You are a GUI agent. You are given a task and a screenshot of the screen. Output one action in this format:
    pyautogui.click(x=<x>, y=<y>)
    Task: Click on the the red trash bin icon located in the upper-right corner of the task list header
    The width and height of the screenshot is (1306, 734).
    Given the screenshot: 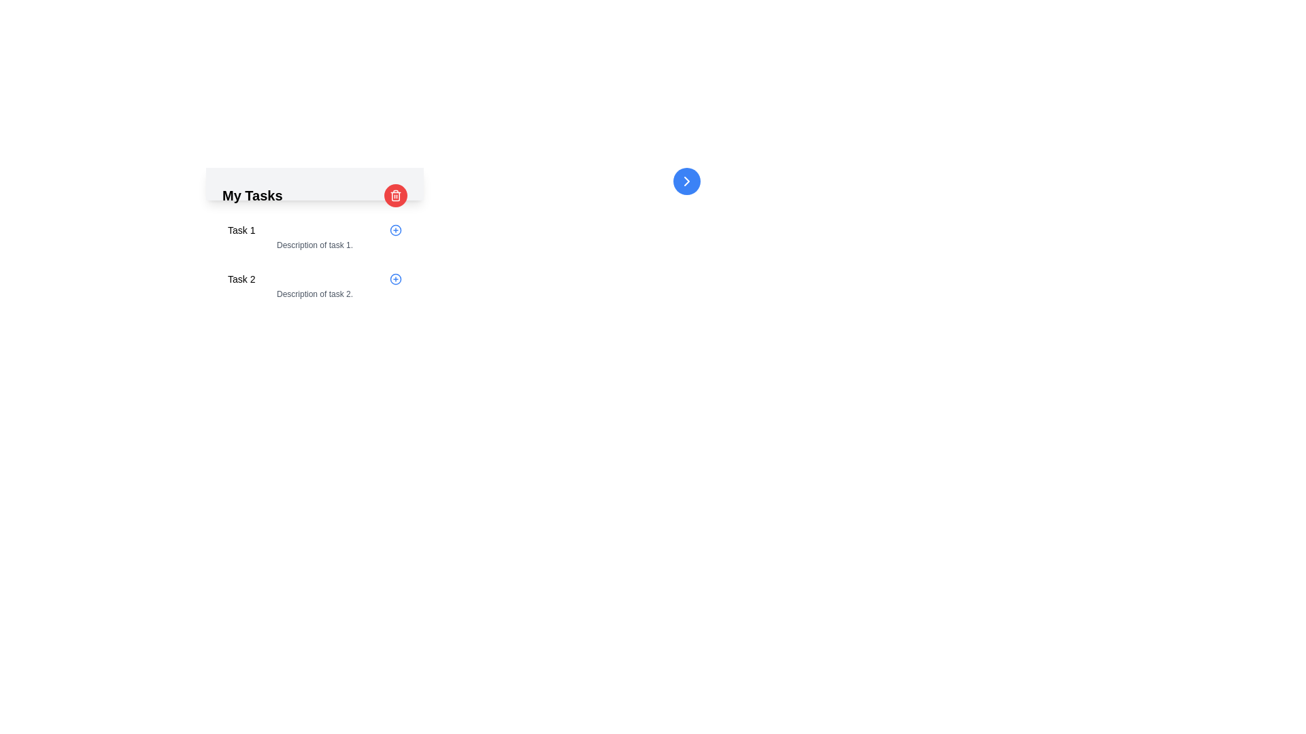 What is the action you would take?
    pyautogui.click(x=395, y=196)
    